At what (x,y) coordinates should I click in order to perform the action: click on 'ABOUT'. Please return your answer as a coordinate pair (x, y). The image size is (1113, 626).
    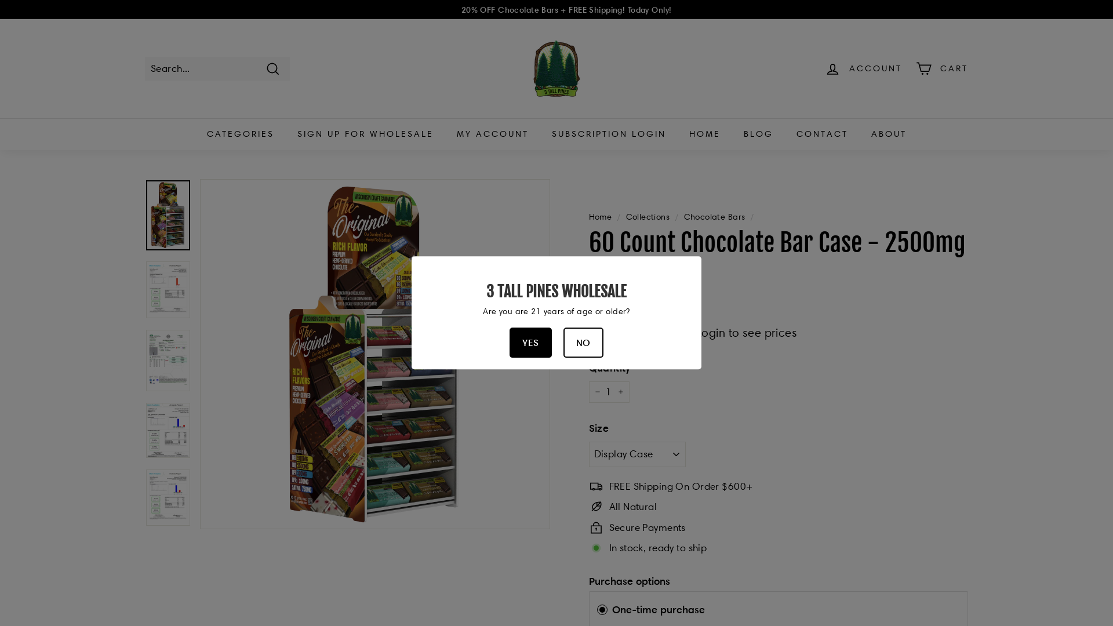
    Looking at the image, I should click on (888, 133).